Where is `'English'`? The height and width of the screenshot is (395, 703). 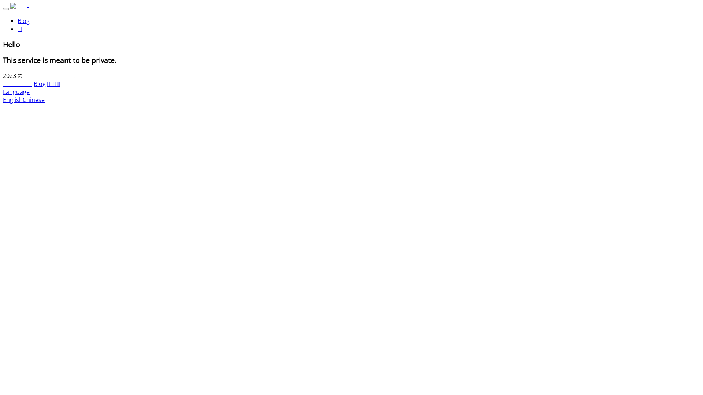 'English' is located at coordinates (12, 100).